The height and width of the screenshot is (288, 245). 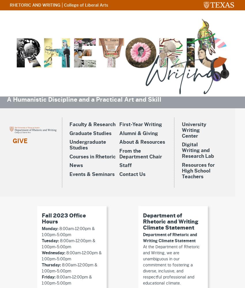 I want to click on 'A Humanistic Discipline and a Practical Art and Skill', so click(x=84, y=99).